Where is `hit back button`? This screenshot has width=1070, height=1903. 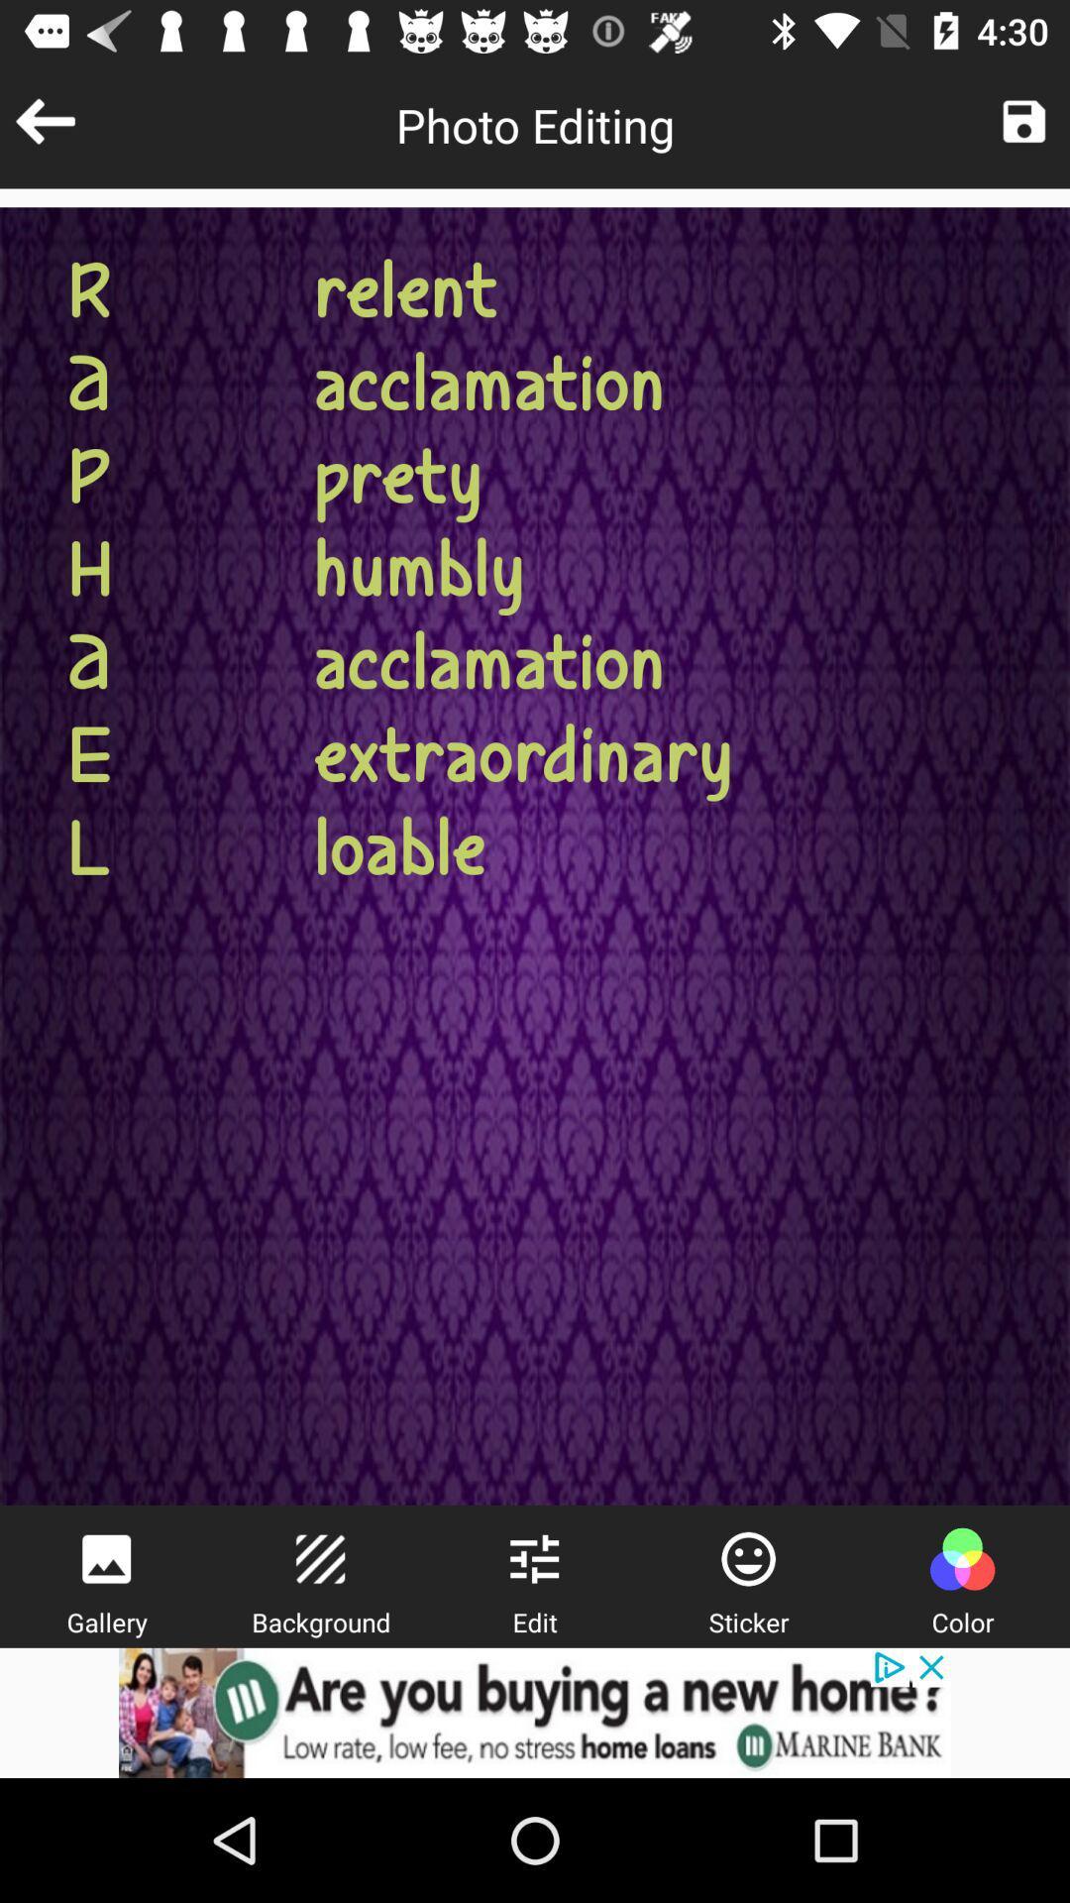
hit back button is located at coordinates (45, 120).